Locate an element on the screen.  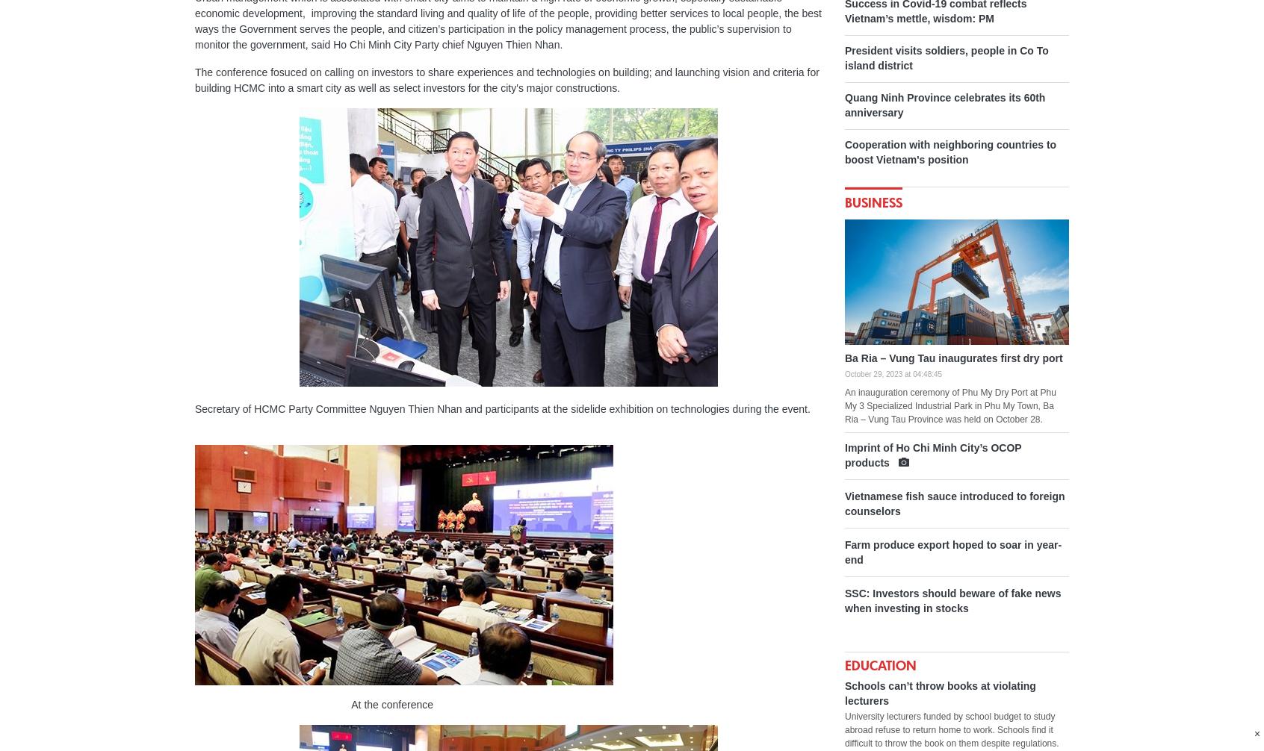
'Farm produce export hoped to soar in year-end' is located at coordinates (952, 552).